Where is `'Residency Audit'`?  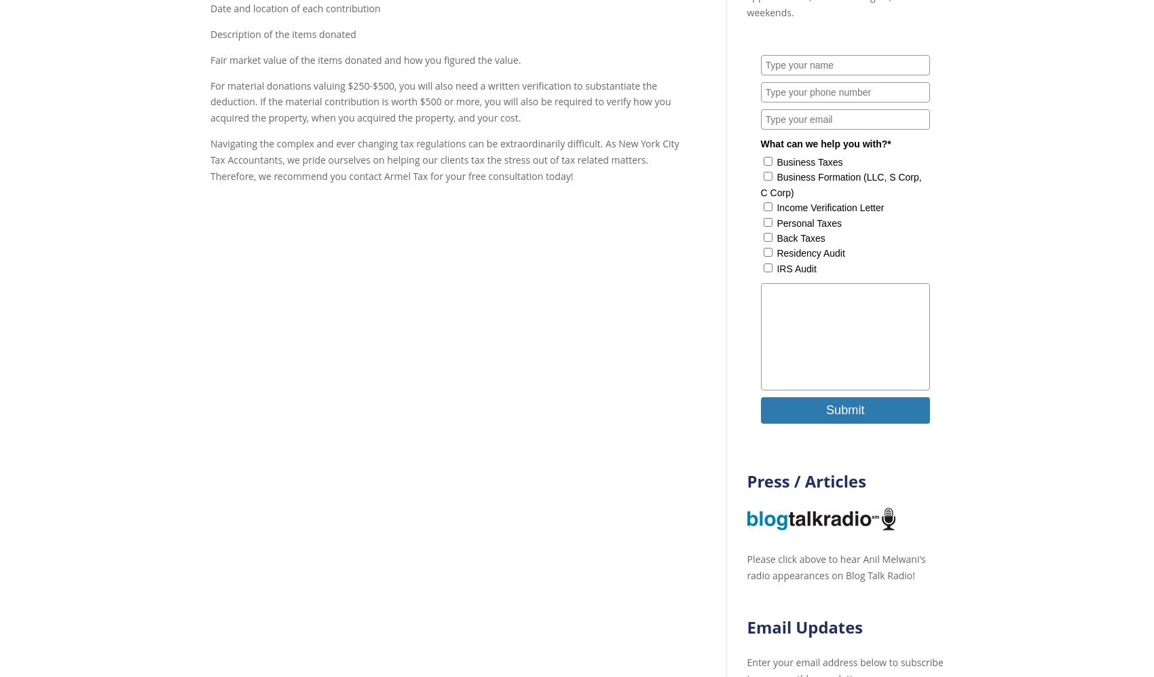 'Residency Audit' is located at coordinates (810, 253).